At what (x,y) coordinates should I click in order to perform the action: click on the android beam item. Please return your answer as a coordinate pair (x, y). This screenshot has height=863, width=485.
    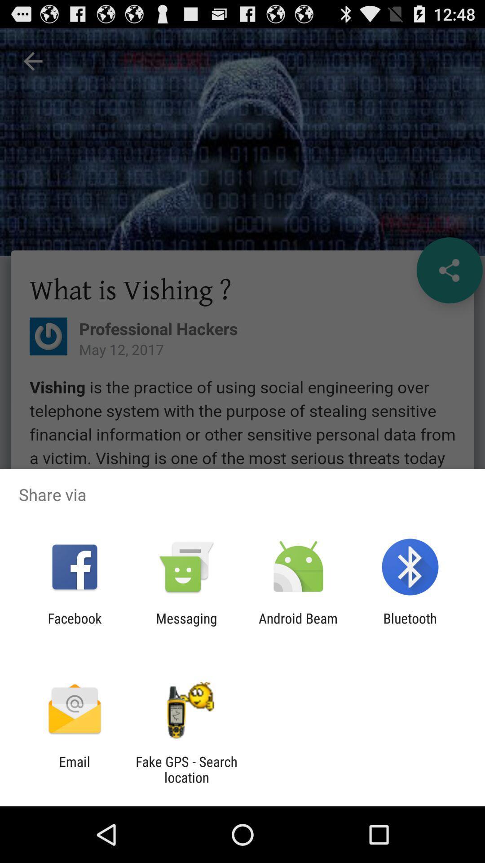
    Looking at the image, I should click on (298, 626).